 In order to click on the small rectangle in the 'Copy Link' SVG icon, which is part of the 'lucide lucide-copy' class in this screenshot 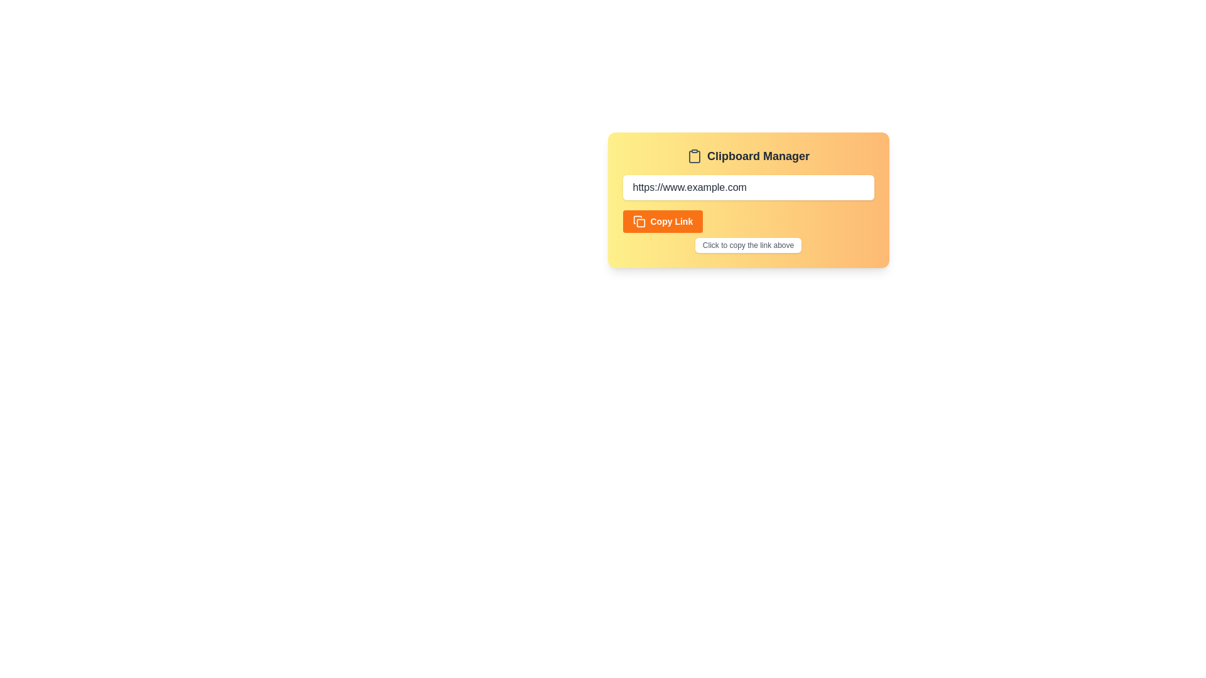, I will do `click(640, 222)`.